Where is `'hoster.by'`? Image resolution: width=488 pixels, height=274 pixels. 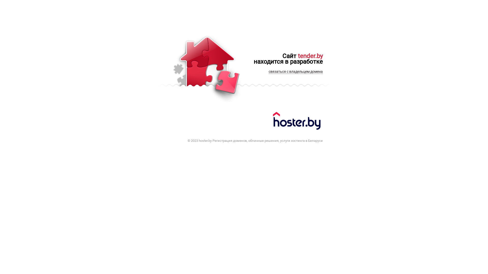 'hoster.by' is located at coordinates (297, 122).